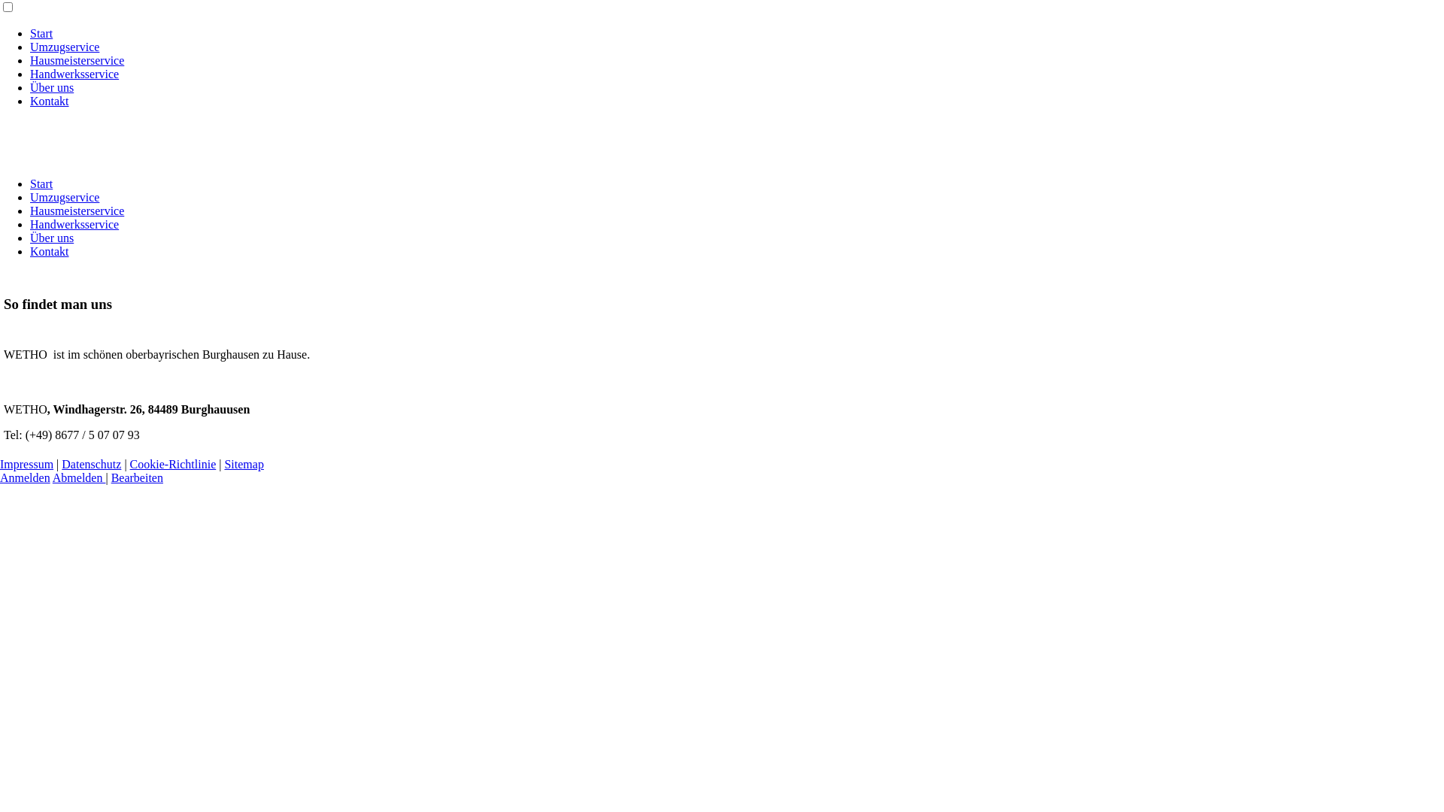 This screenshot has width=1444, height=812. Describe the element at coordinates (244, 463) in the screenshot. I see `'Sitemap'` at that location.